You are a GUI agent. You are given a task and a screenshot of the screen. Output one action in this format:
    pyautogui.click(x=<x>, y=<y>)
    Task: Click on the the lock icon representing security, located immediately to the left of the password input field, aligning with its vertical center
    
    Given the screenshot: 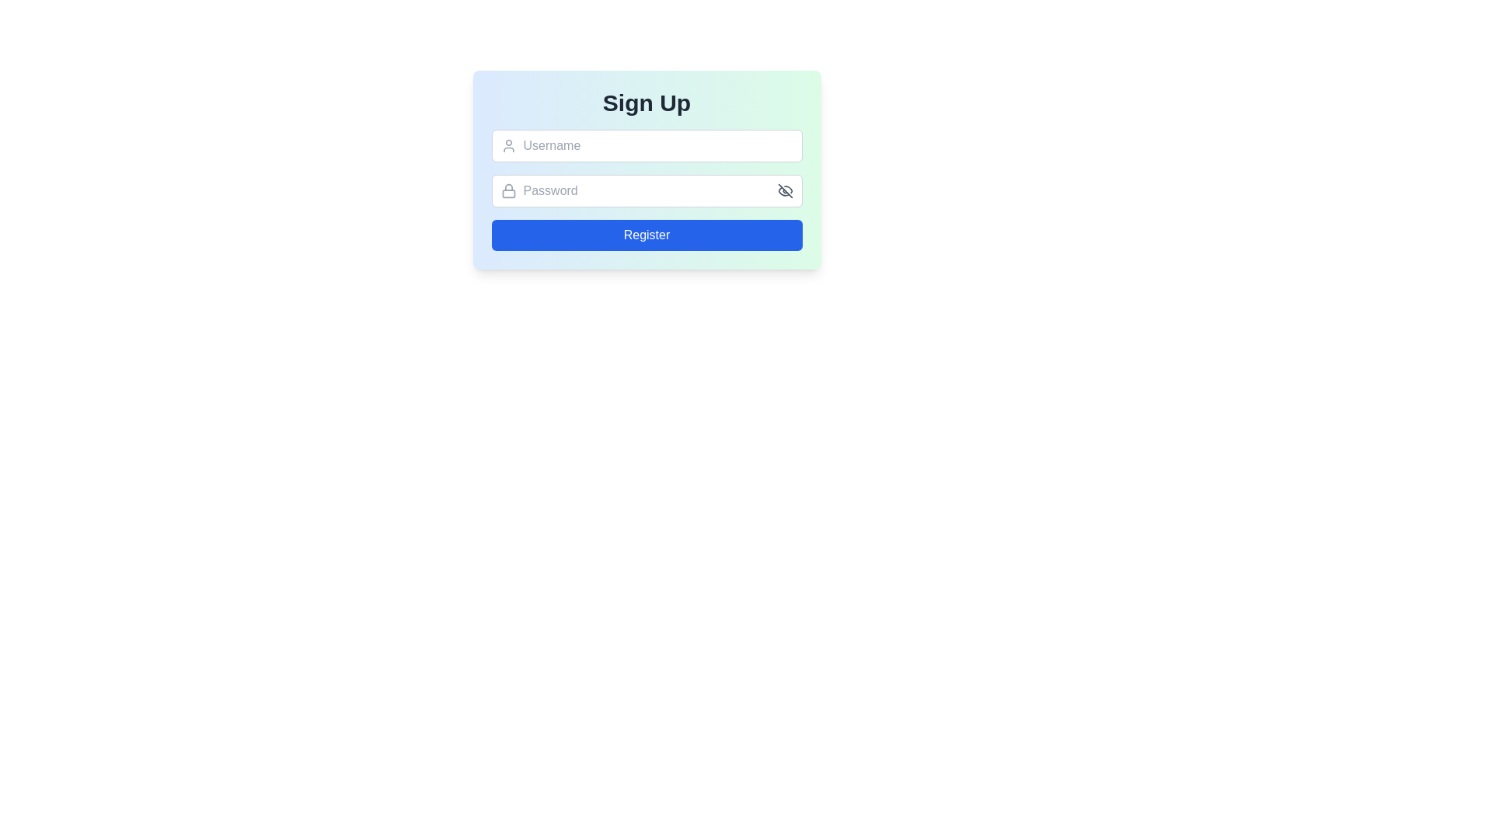 What is the action you would take?
    pyautogui.click(x=508, y=190)
    